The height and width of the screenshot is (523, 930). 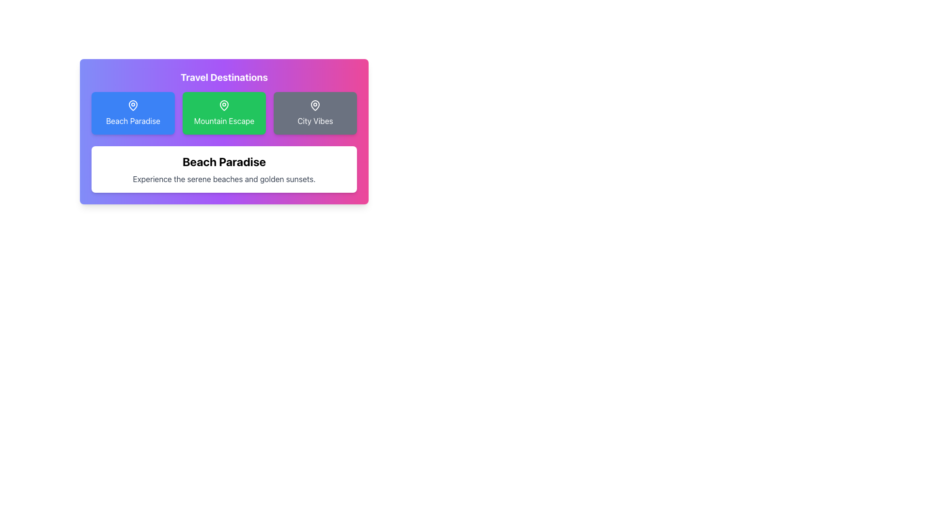 I want to click on the second button labeled 'Mountain Escape' for accessibility navigation, so click(x=223, y=132).